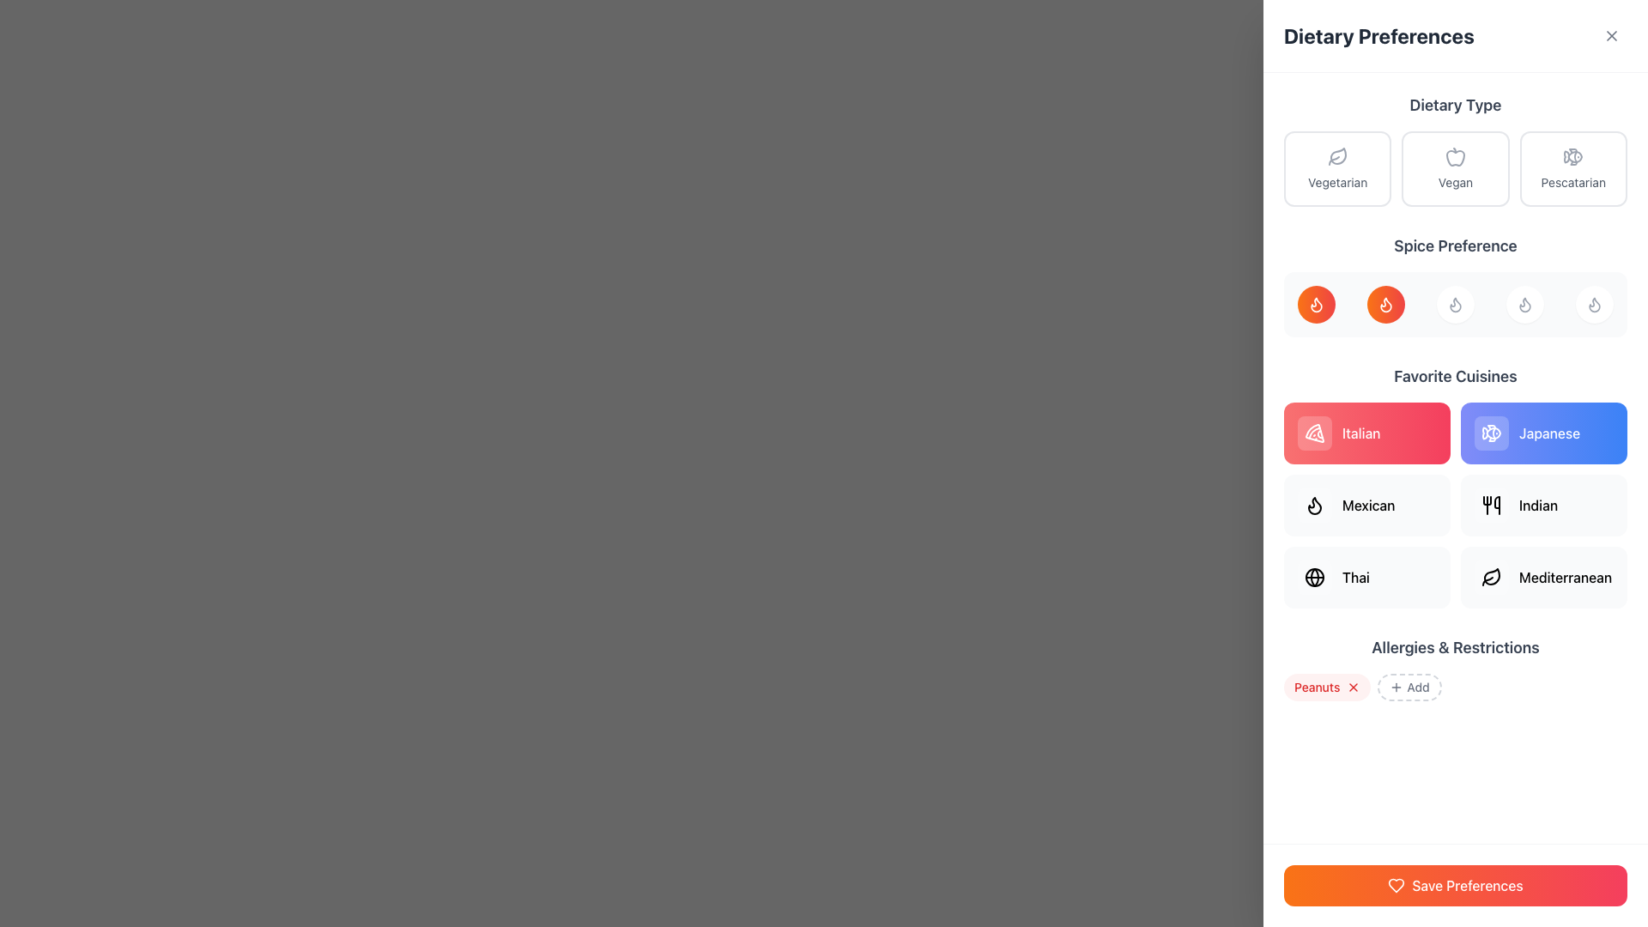 The width and height of the screenshot is (1648, 927). I want to click on the text label displaying 'Mediterranean', which is part of the 'Favorite Cuisines' section, positioned at the bottom-right corner adjacent to 'Indian' and 'Thai' cuisine options, so click(1566, 577).